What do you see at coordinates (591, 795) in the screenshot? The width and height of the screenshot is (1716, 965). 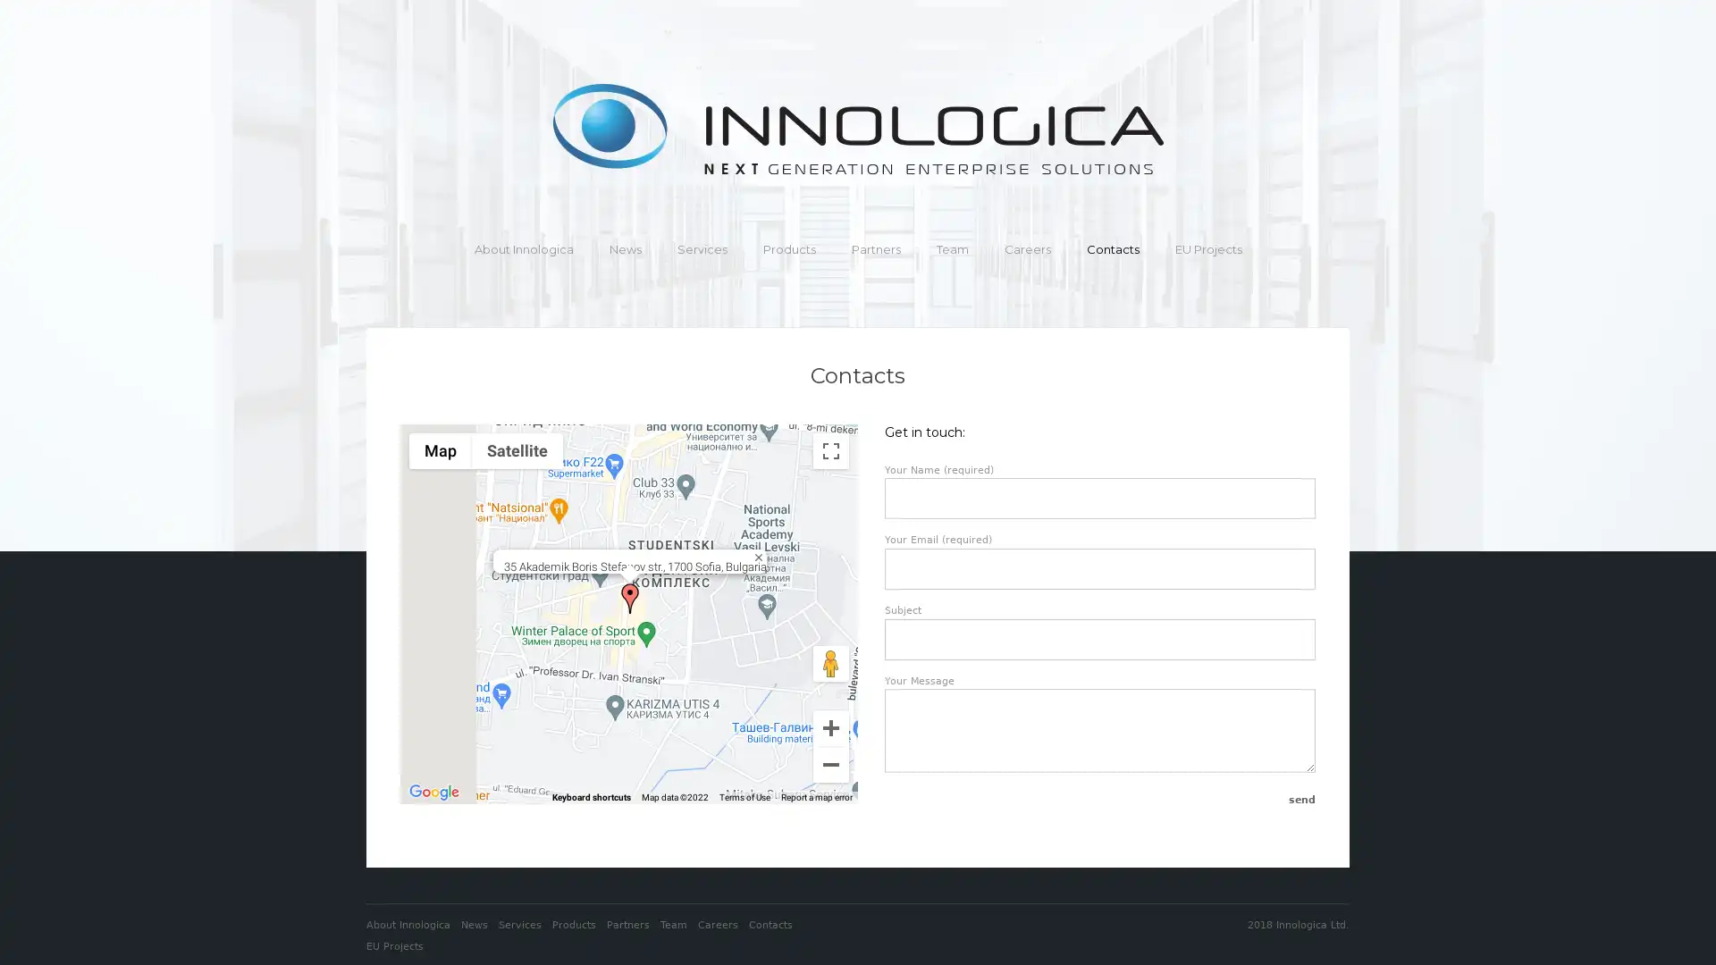 I see `Keyboard shortcuts` at bounding box center [591, 795].